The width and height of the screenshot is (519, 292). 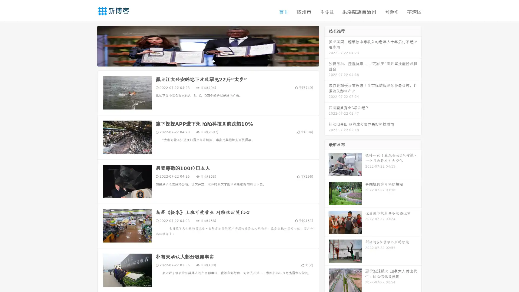 What do you see at coordinates (89, 45) in the screenshot?
I see `Previous slide` at bounding box center [89, 45].